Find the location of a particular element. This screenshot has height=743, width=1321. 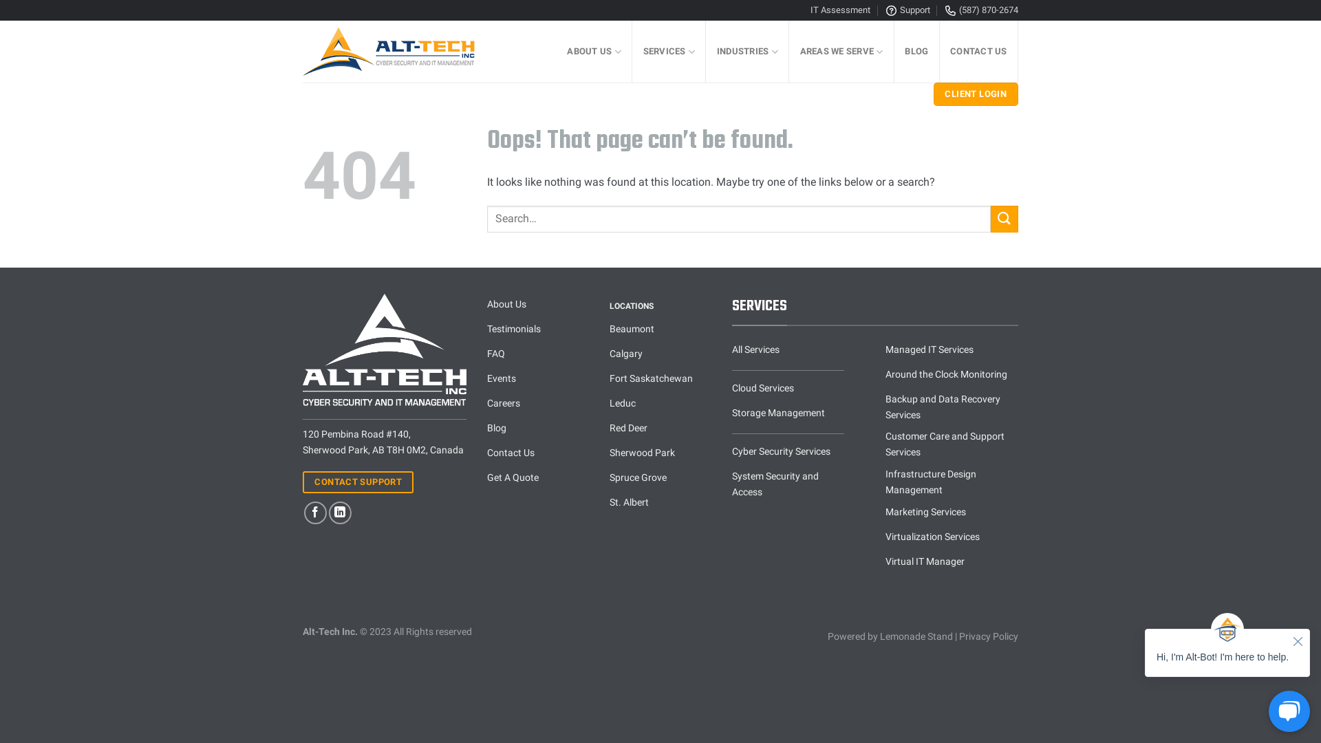

'IT Assessment' is located at coordinates (810, 10).